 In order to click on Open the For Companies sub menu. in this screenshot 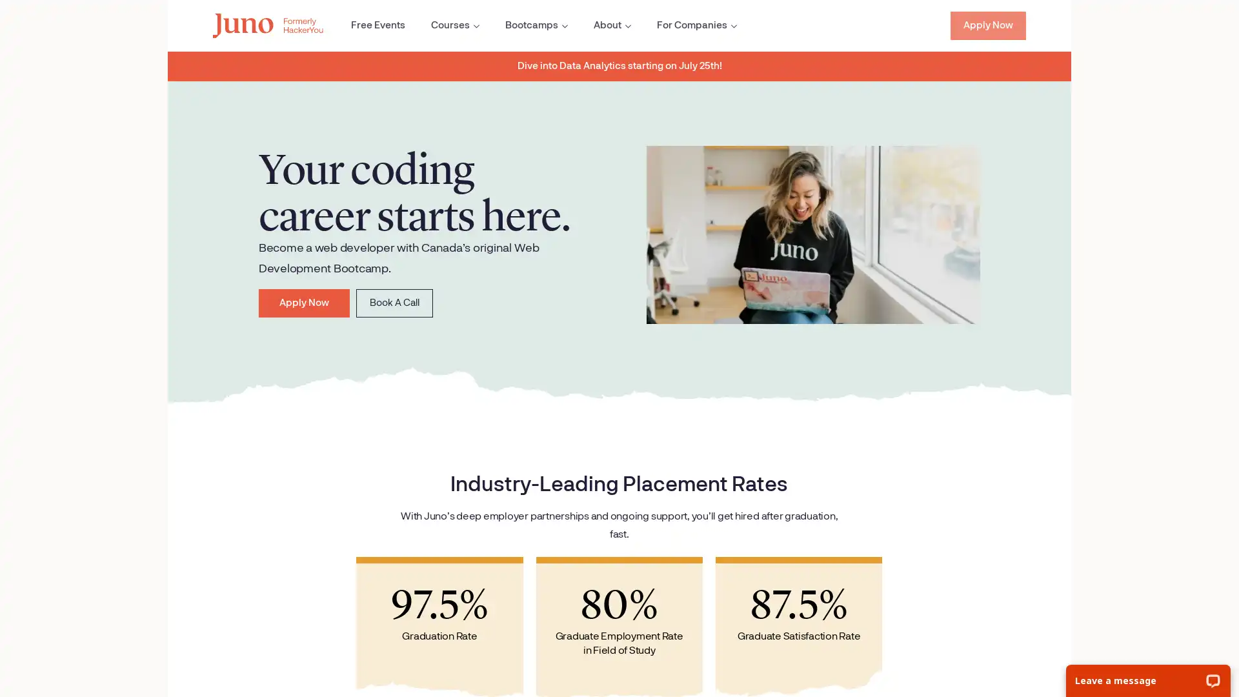, I will do `click(685, 25)`.